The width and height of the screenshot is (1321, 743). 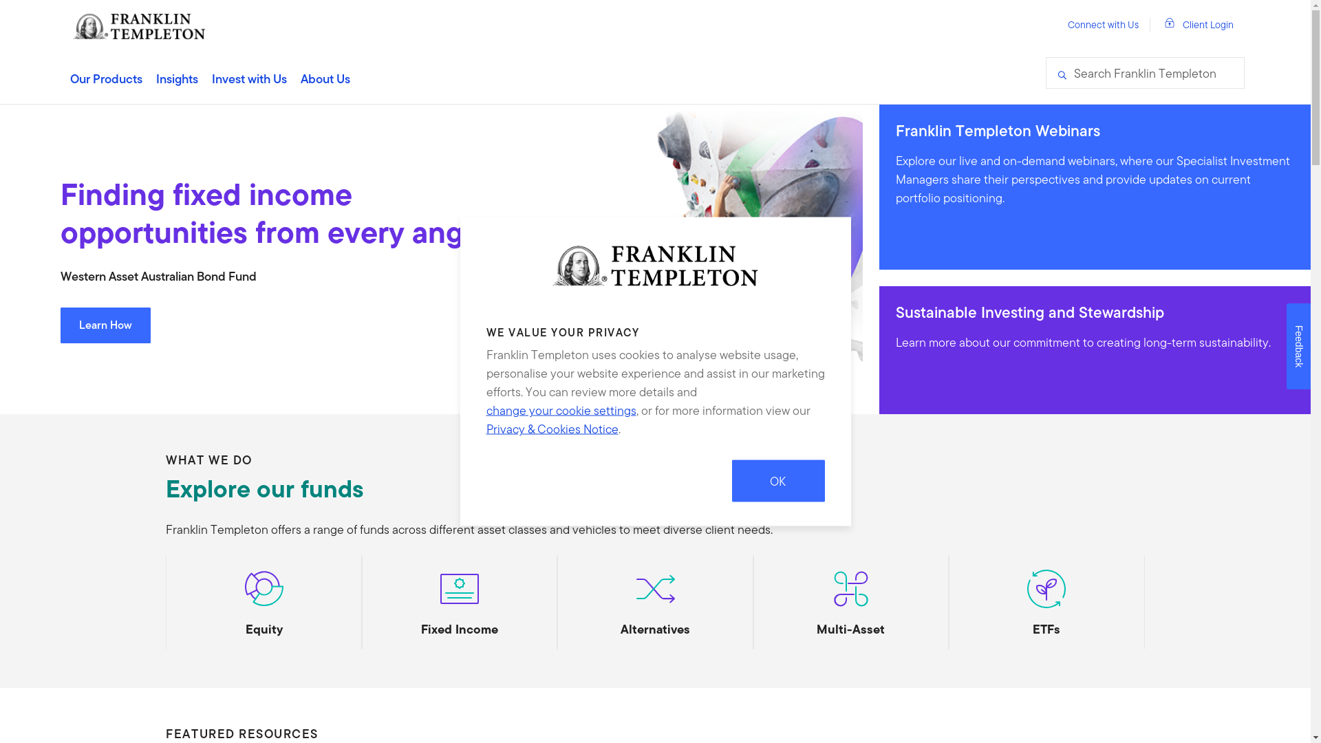 I want to click on 'Equity', so click(x=264, y=601).